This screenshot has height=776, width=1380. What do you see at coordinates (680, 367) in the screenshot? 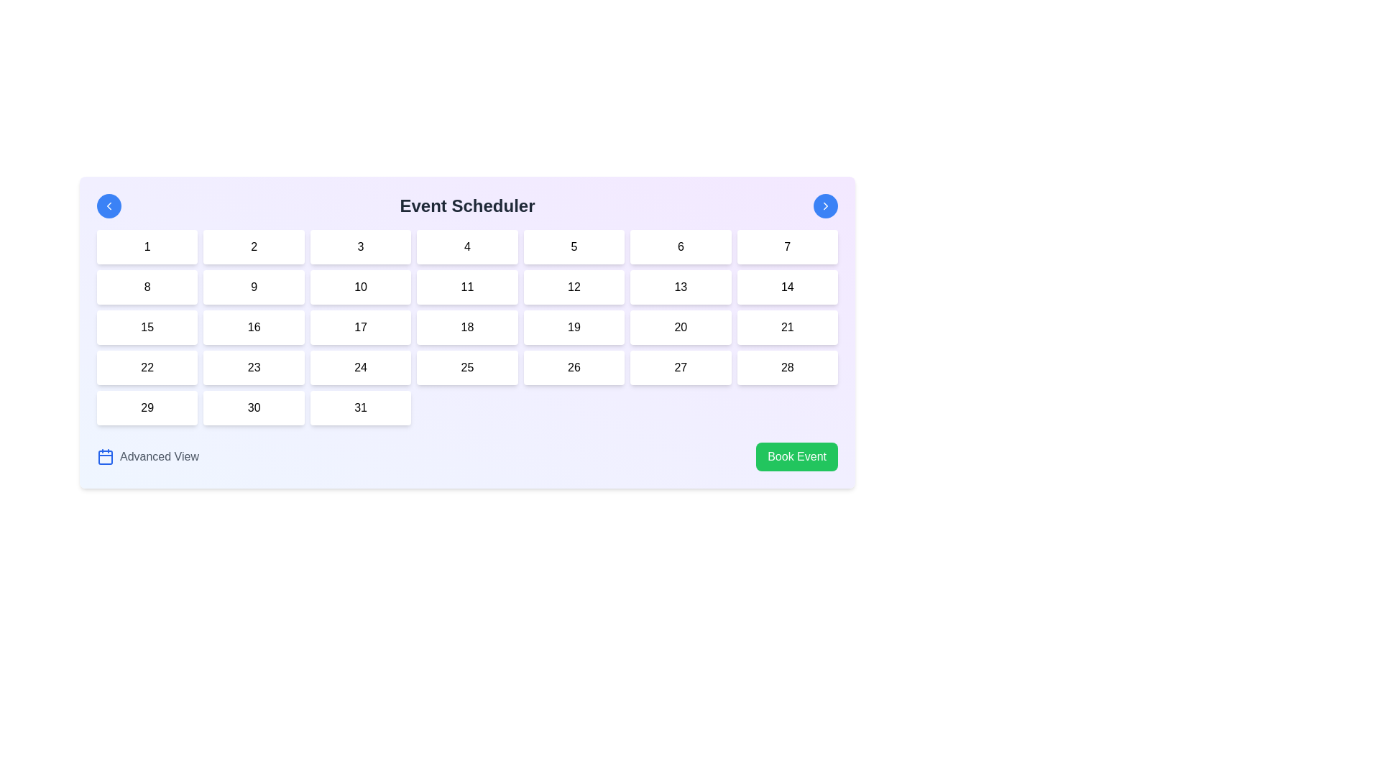
I see `the button labeled '27', which is a rectangular button with a white background, shadow effect, and rounded corners, located` at bounding box center [680, 367].